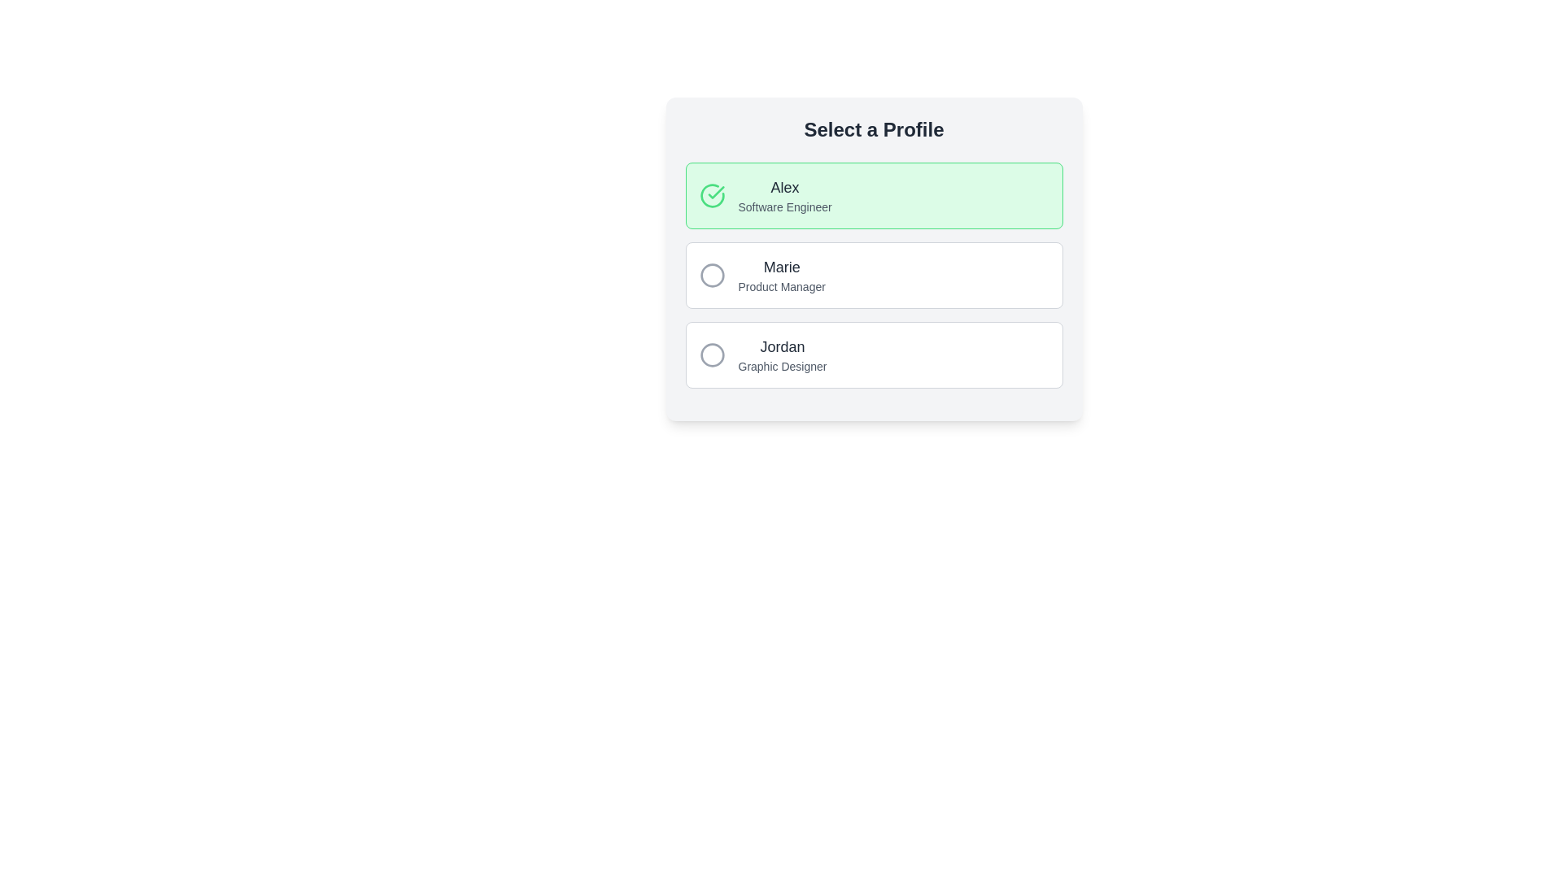 The width and height of the screenshot is (1562, 878). I want to click on the text label indicating the name 'Marie', which is the first text line within the second block of selectable profiles, positioned above the label 'Product Manager', so click(782, 266).